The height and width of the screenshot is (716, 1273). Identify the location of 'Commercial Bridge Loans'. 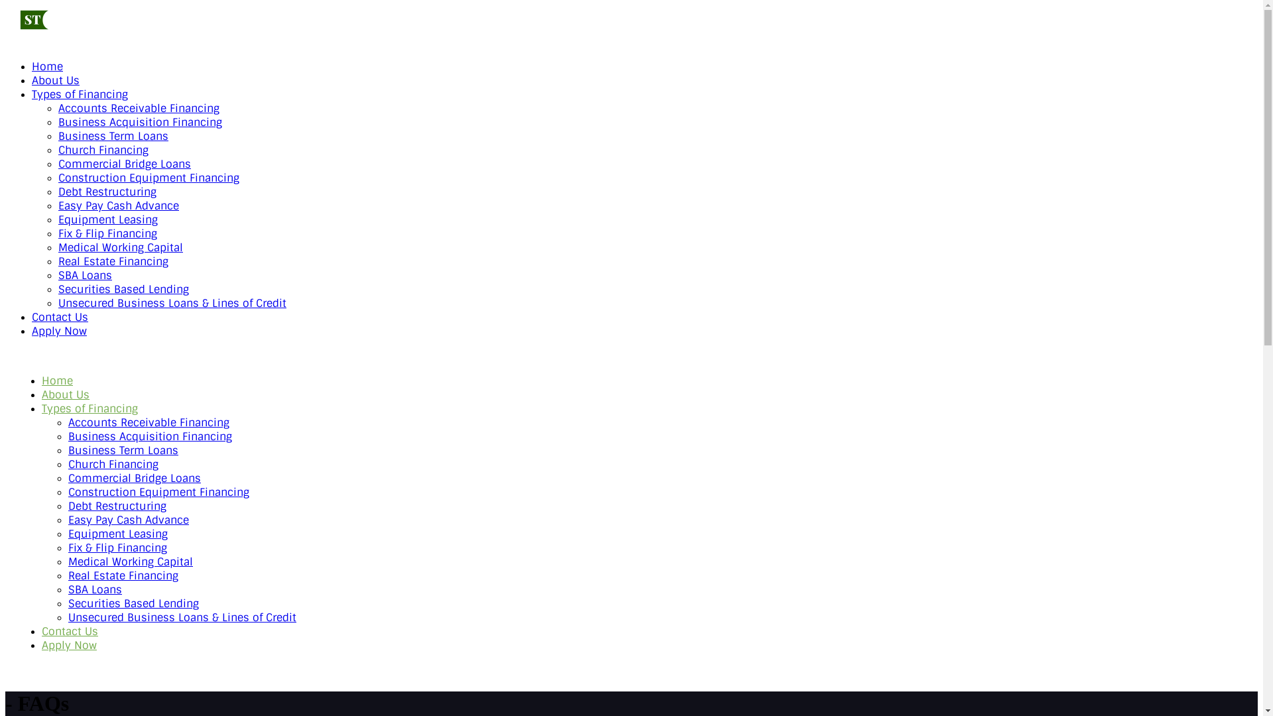
(124, 163).